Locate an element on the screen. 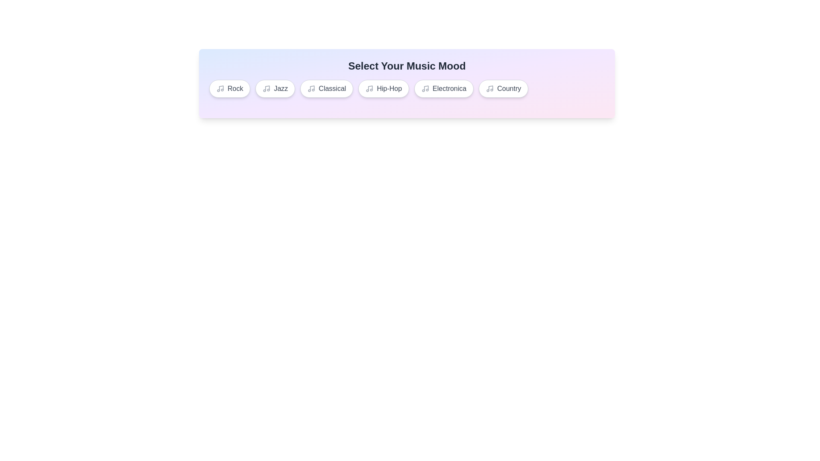 This screenshot has width=820, height=461. the music tag Electronica from the list is located at coordinates (443, 89).